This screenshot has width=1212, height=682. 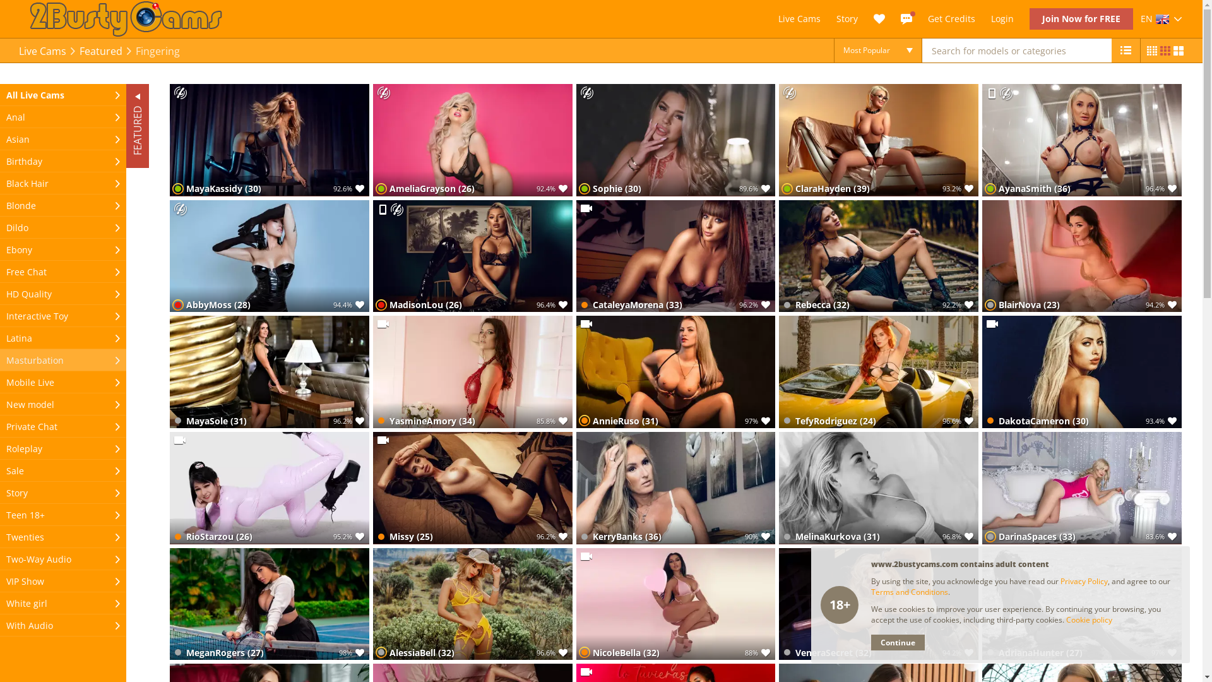 I want to click on 'VIP Show', so click(x=62, y=581).